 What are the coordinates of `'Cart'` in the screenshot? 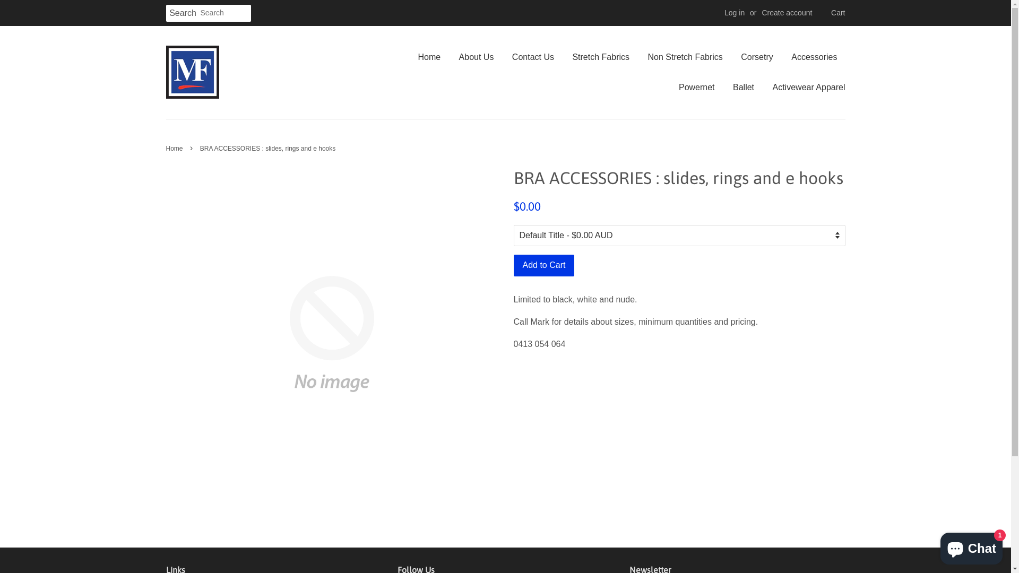 It's located at (837, 13).